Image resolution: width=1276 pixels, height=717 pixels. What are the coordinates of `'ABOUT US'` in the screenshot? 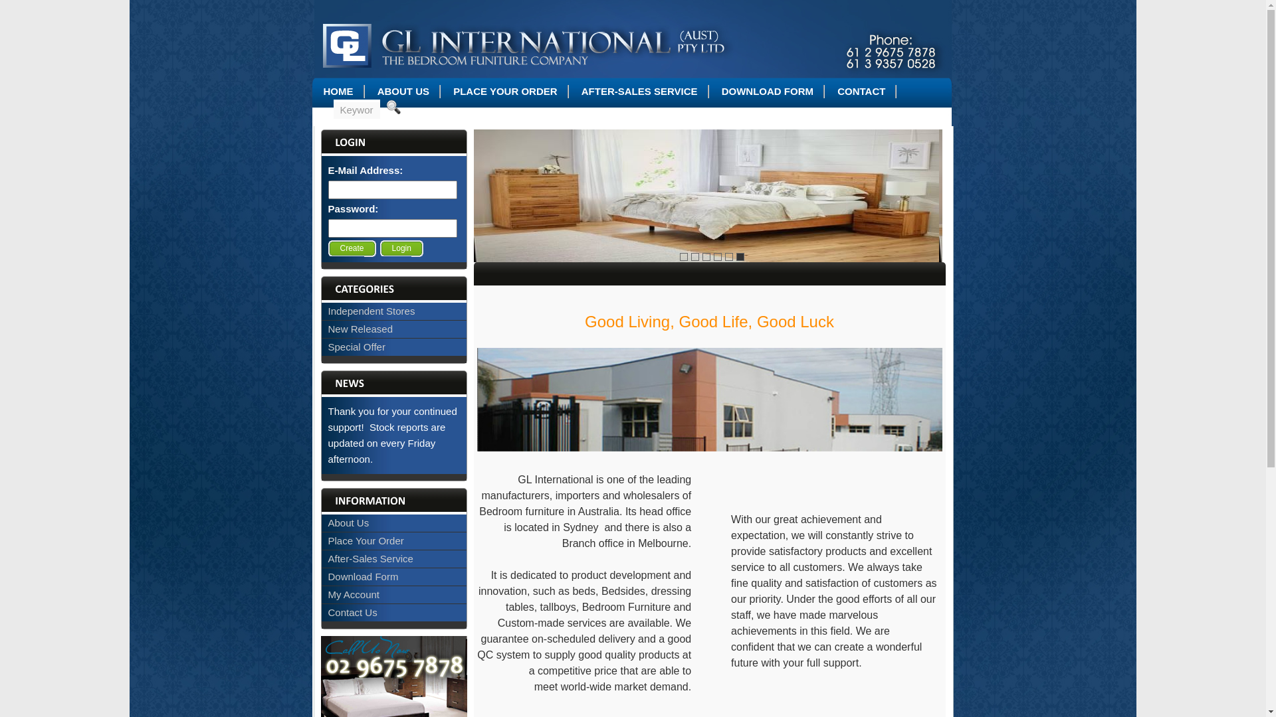 It's located at (402, 90).